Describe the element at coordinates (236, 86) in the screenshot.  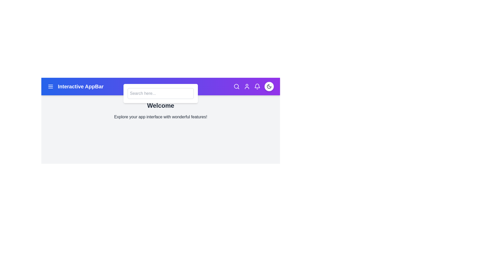
I see `the search icon to toggle the visibility of the search bar` at that location.